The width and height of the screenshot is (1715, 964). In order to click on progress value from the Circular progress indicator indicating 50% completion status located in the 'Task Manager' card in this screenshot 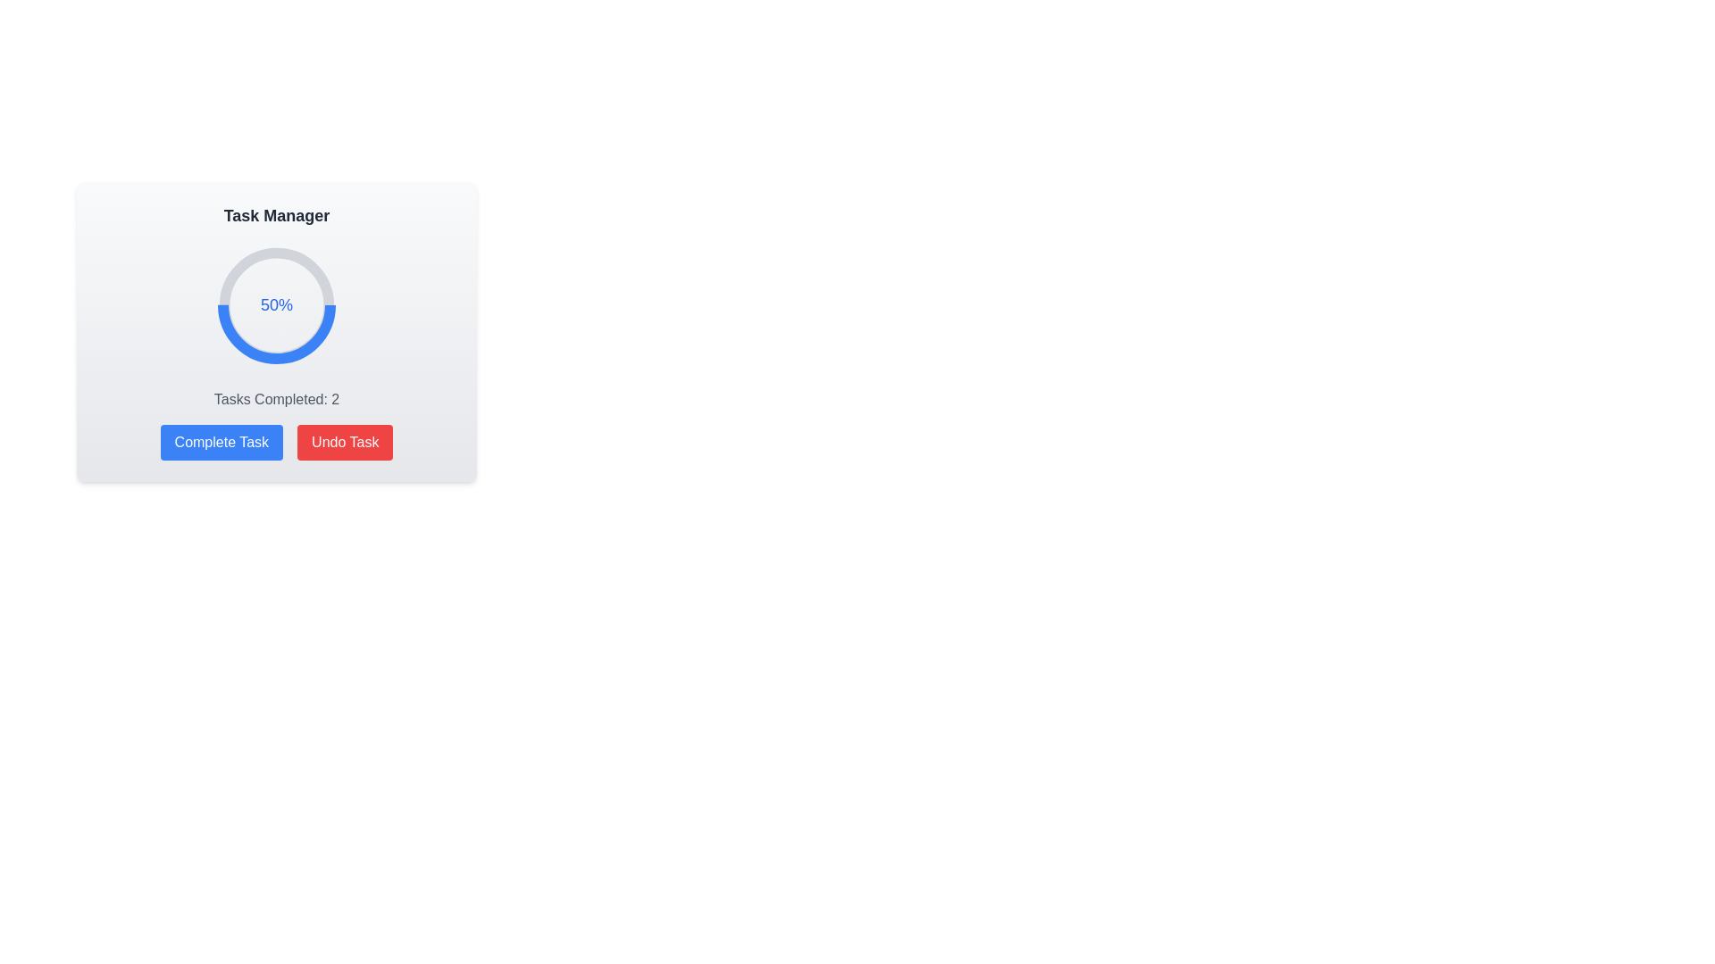, I will do `click(276, 304)`.